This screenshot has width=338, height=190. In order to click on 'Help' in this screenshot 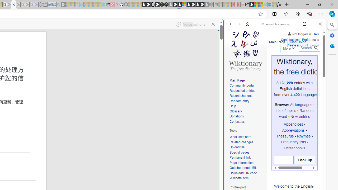, I will do `click(232, 106)`.